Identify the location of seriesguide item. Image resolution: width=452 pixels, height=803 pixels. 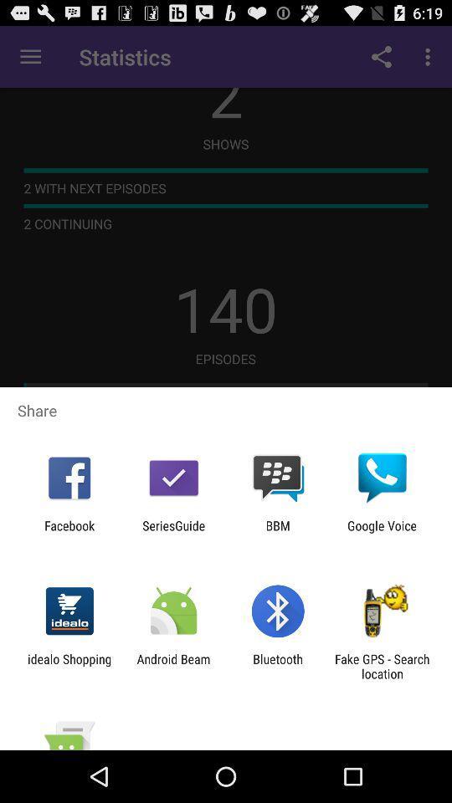
(172, 532).